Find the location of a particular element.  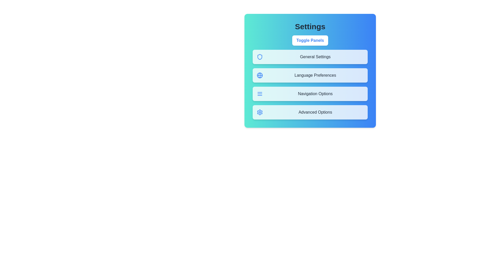

the 'Toggle Panels' button to toggle the visibility of the settings panel is located at coordinates (310, 40).